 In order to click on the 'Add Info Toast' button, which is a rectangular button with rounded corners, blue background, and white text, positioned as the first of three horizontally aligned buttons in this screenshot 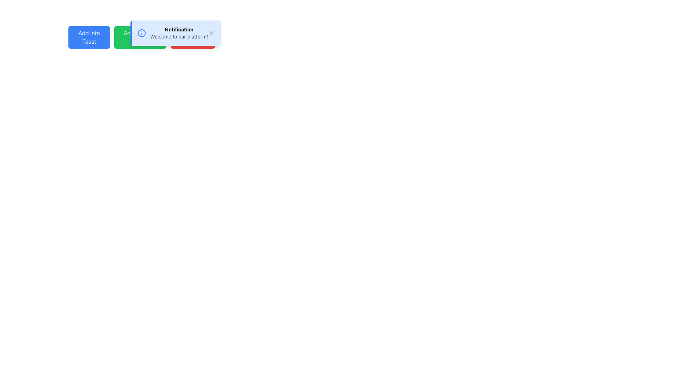, I will do `click(89, 37)`.